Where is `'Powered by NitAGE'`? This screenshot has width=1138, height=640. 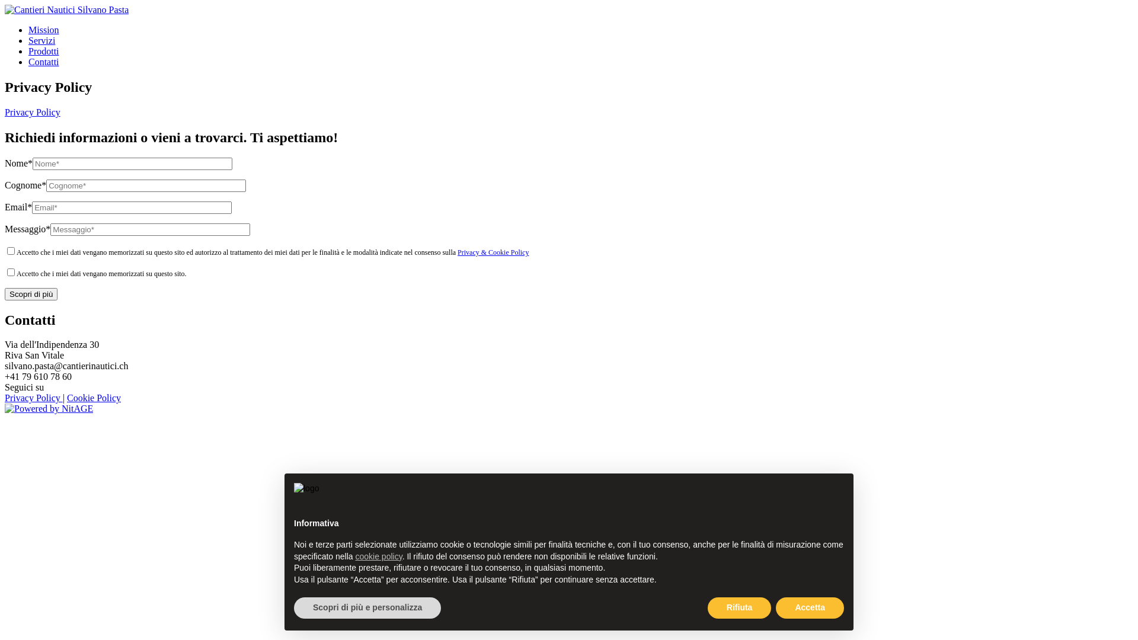
'Powered by NitAGE' is located at coordinates (5, 408).